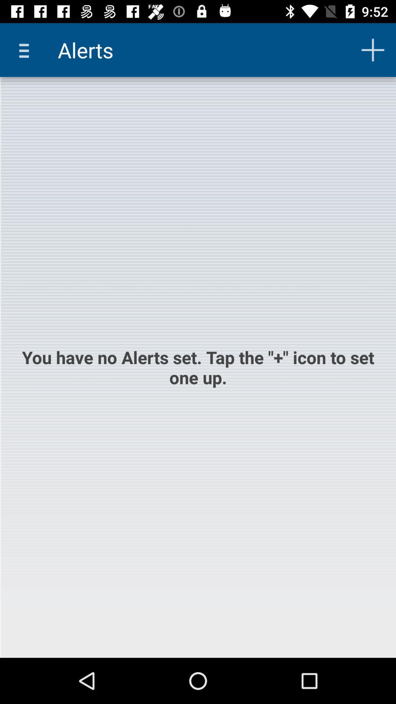  I want to click on the icon above the you have no item, so click(373, 49).